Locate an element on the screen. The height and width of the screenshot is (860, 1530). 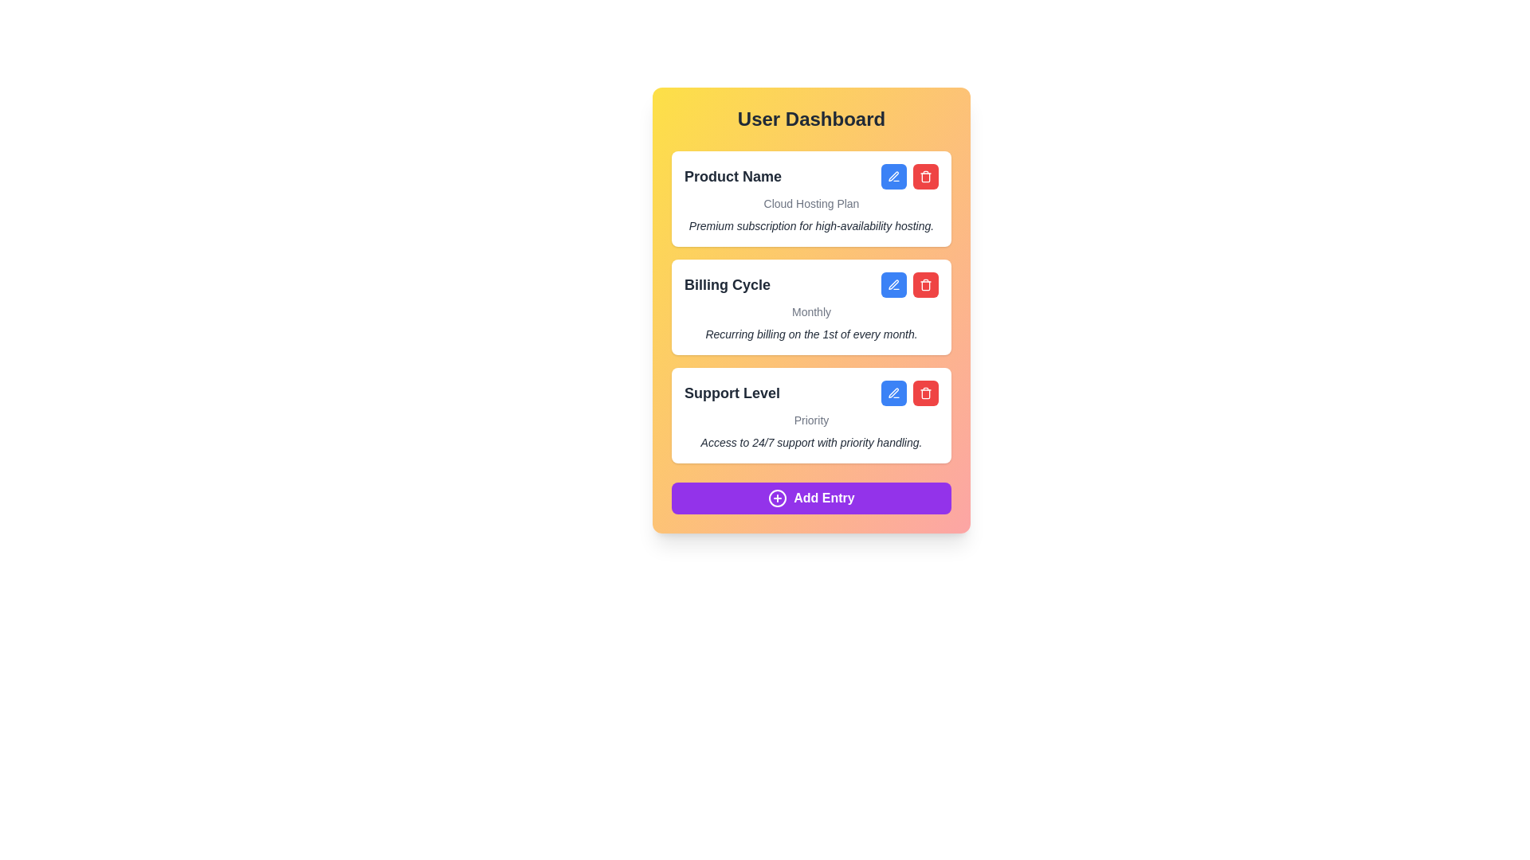
the static text element containing 'Cloud Hosting Plan', which is styled in gray and positioned below the 'Product Name' heading in the User Dashboard is located at coordinates (811, 202).